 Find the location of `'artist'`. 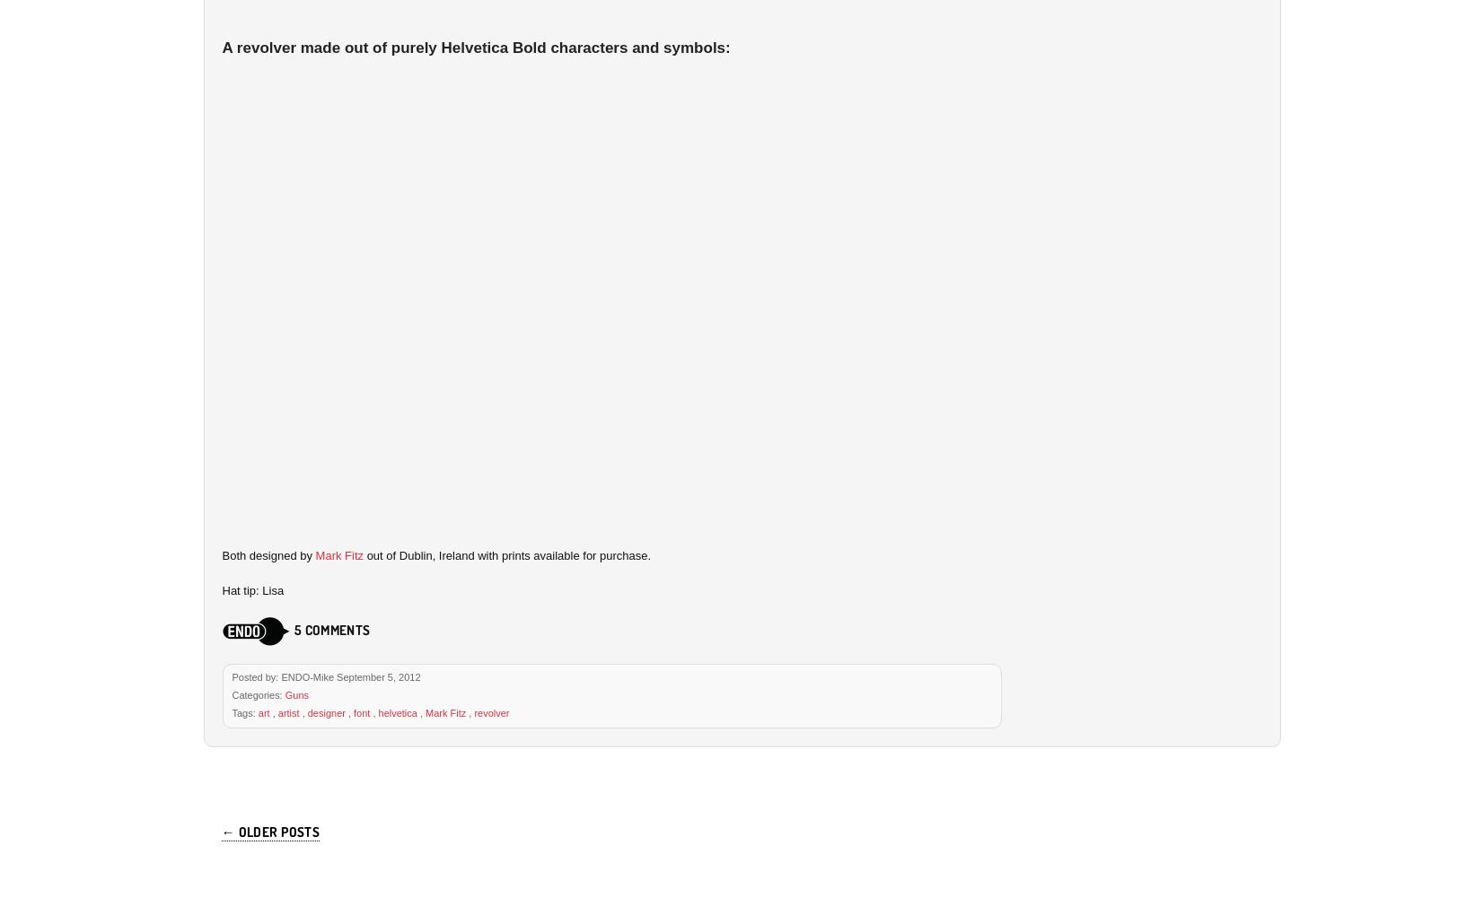

'artist' is located at coordinates (287, 710).